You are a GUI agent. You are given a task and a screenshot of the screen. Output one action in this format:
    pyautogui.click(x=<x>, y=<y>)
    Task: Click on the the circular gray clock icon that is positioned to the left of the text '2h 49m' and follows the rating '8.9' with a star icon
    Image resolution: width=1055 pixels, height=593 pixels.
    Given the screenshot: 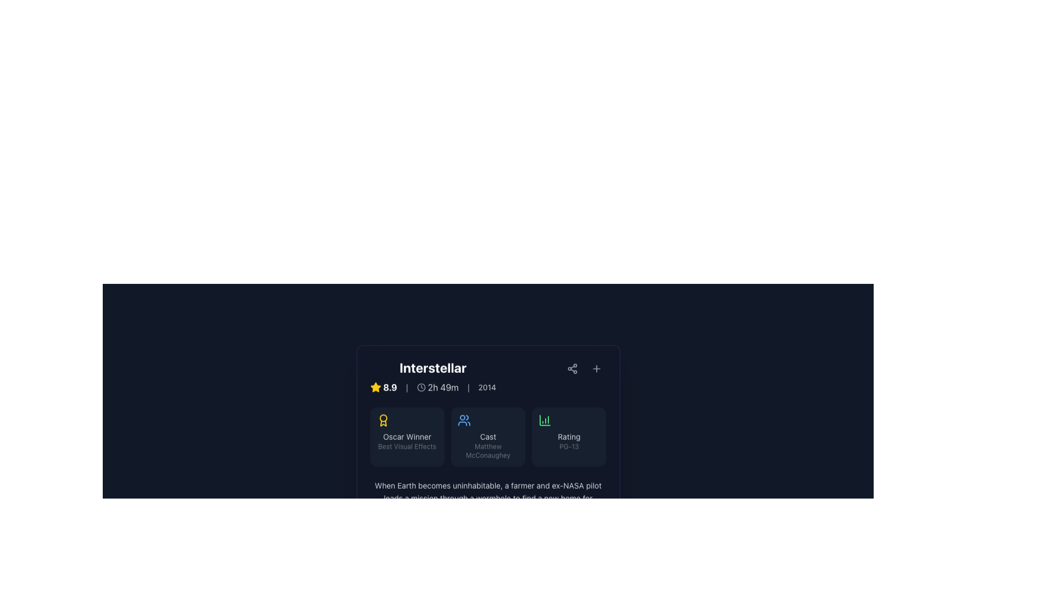 What is the action you would take?
    pyautogui.click(x=420, y=387)
    